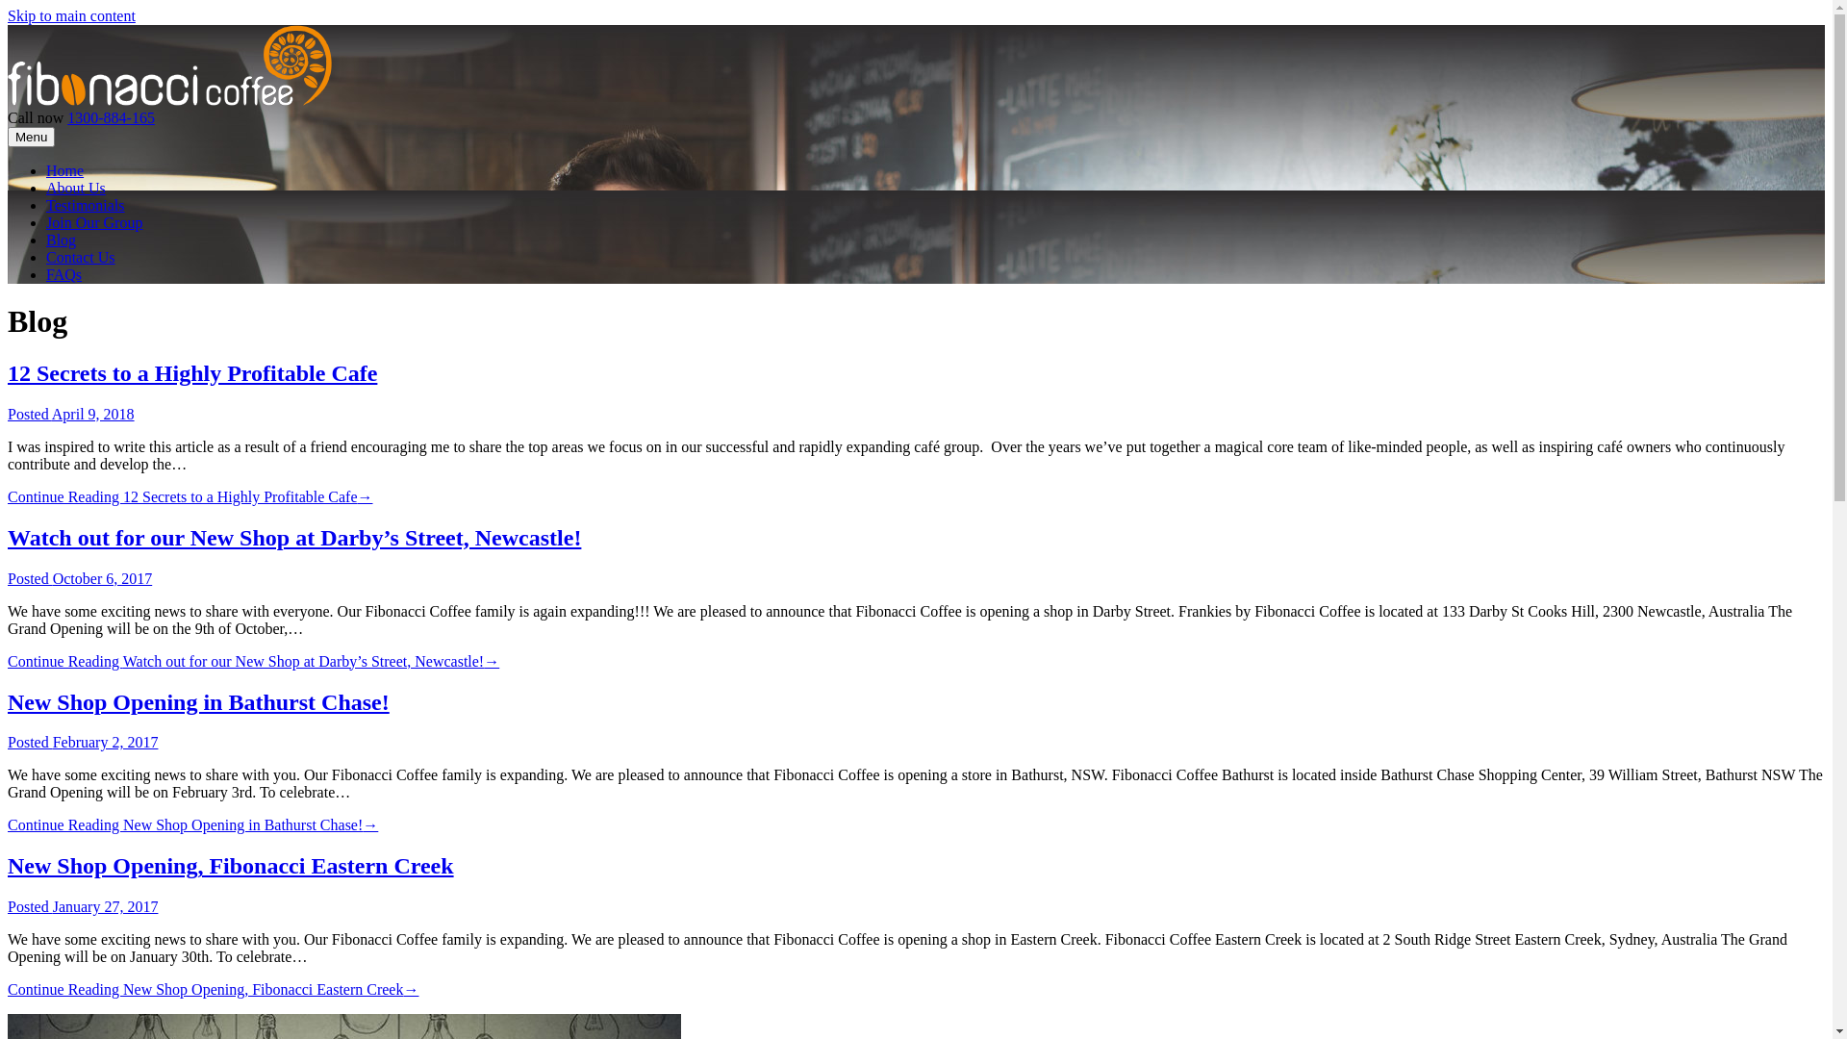  I want to click on 'Posted April 9, 2018', so click(8, 413).